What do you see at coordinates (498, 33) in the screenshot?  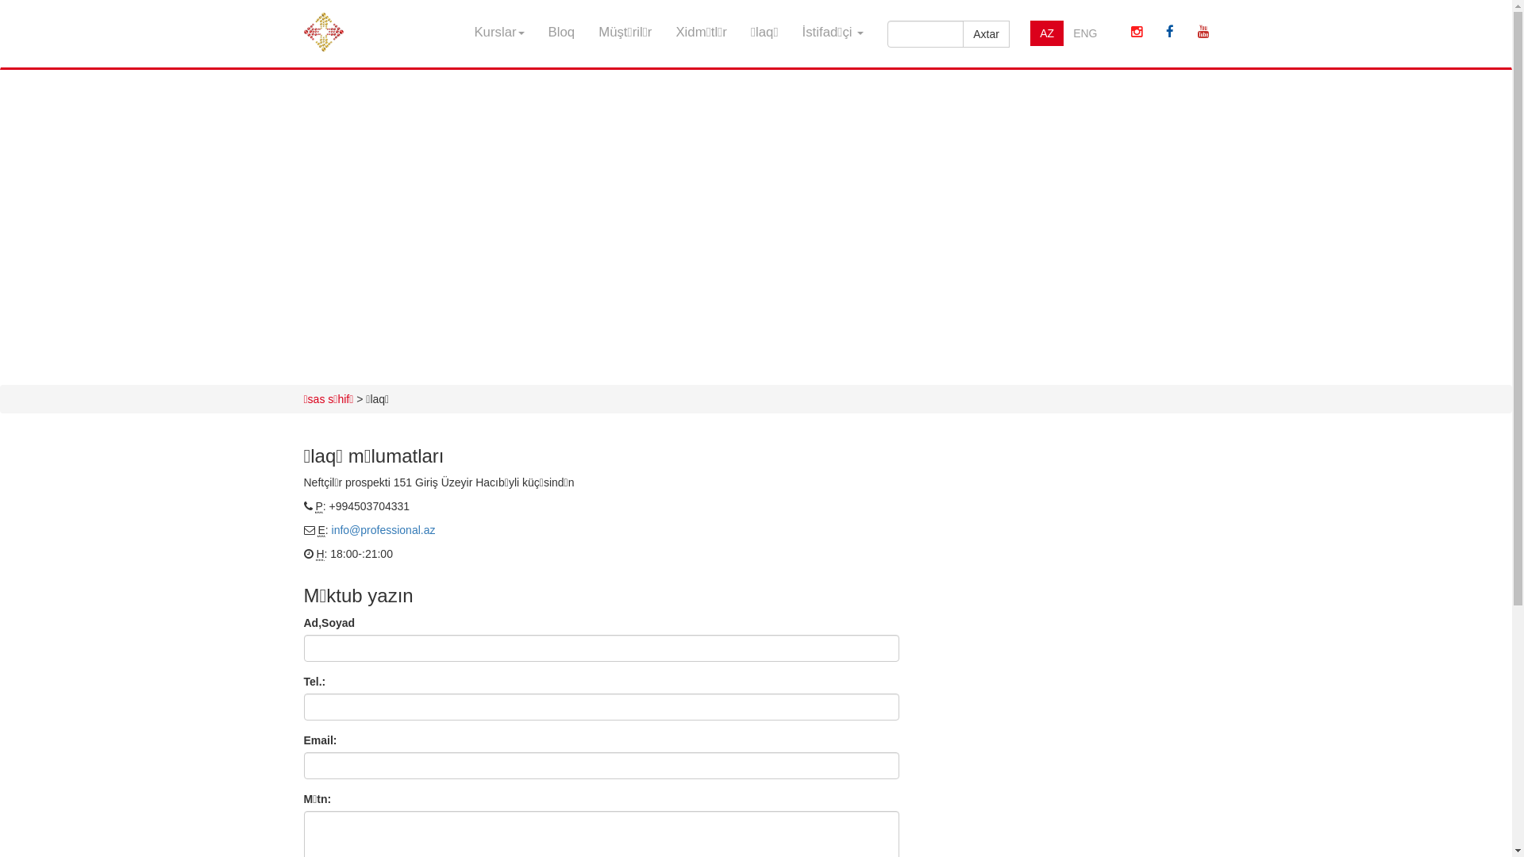 I see `'Kurslar'` at bounding box center [498, 33].